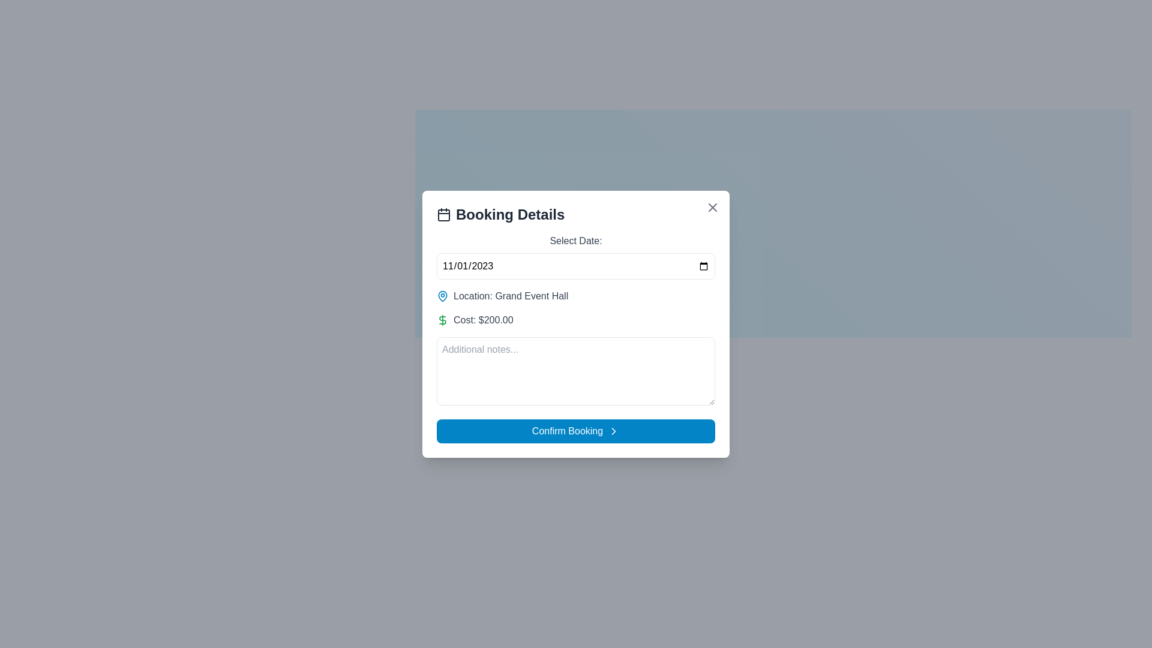 This screenshot has width=1152, height=648. I want to click on the informational static text element indicating the cost of the booking, which is positioned in the middle of the 'Booking Details' dialog box, aligned with the green dollar sign icon to its left, so click(483, 319).